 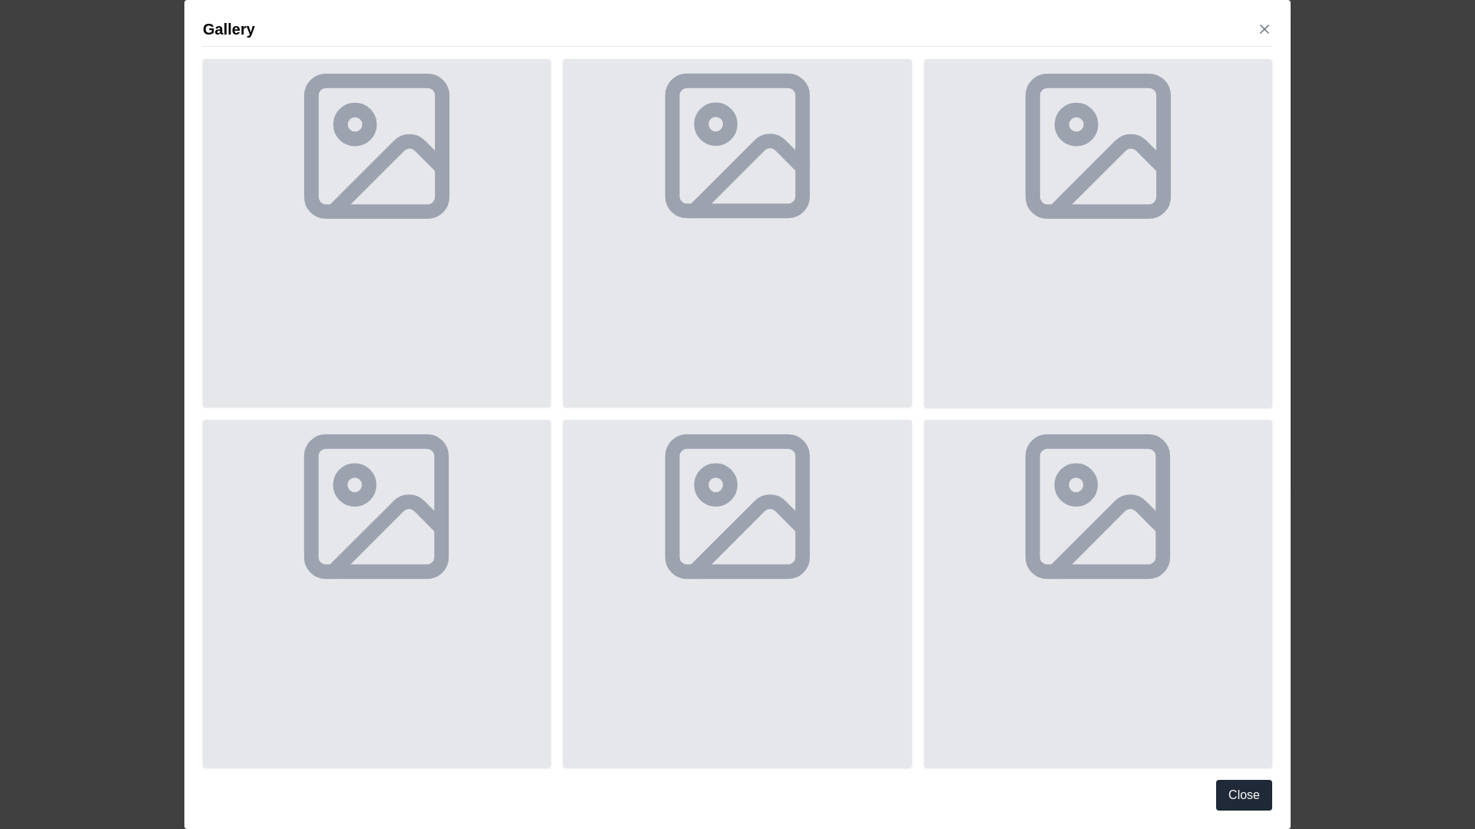 What do you see at coordinates (1097, 506) in the screenshot?
I see `the Graphical Icon located in the lower right cell of a 3x2 grid structure, which serves as an interactive element for image-related actions` at bounding box center [1097, 506].